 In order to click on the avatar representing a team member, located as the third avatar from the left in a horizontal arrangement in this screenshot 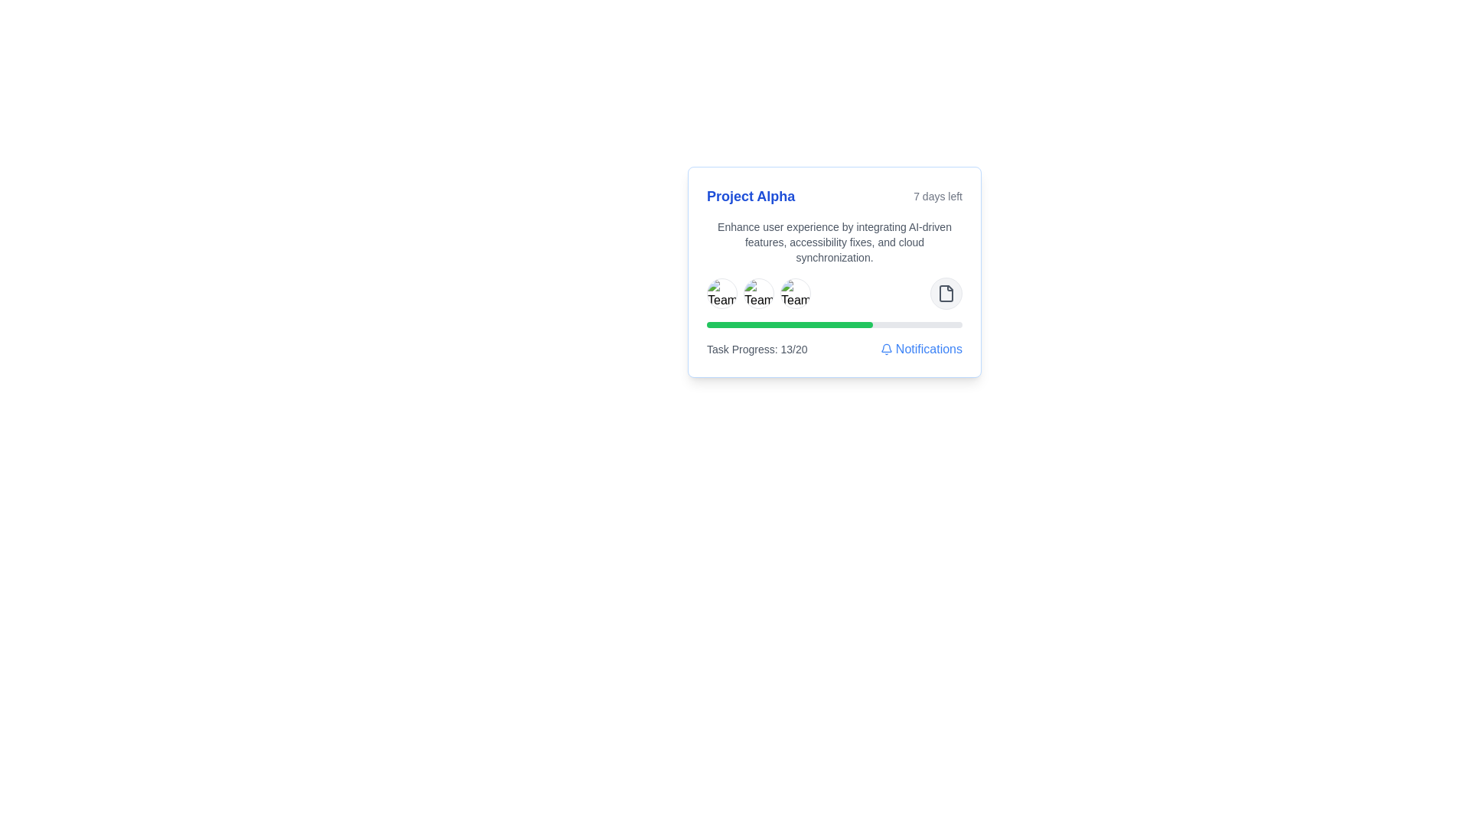, I will do `click(796, 294)`.